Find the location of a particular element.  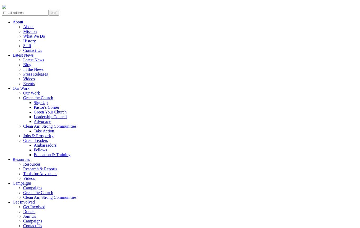

'Press Releases' is located at coordinates (35, 74).